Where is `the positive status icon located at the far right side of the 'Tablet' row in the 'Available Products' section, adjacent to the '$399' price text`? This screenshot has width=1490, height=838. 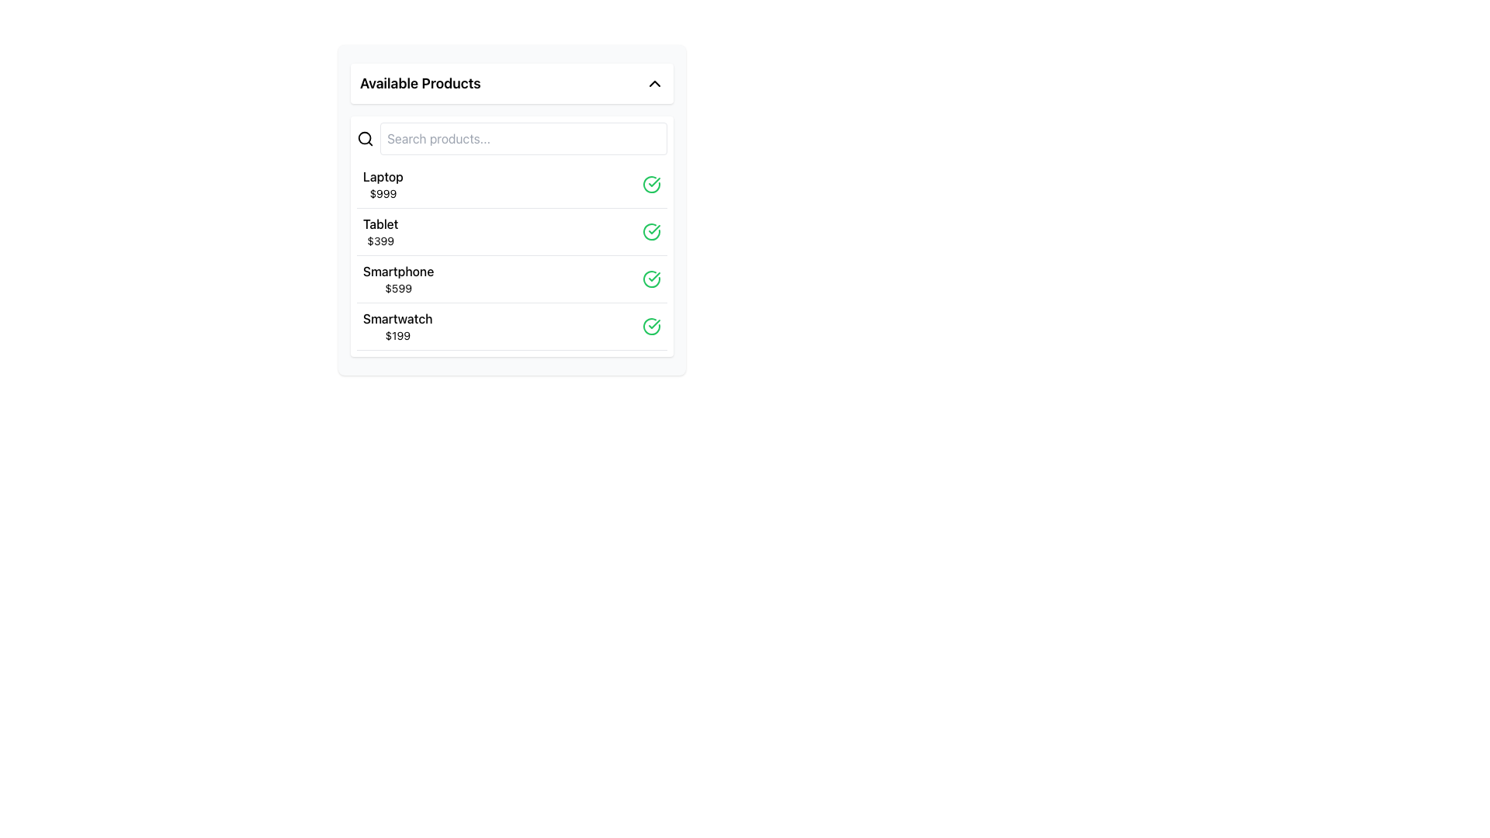 the positive status icon located at the far right side of the 'Tablet' row in the 'Available Products' section, adjacent to the '$399' price text is located at coordinates (652, 232).